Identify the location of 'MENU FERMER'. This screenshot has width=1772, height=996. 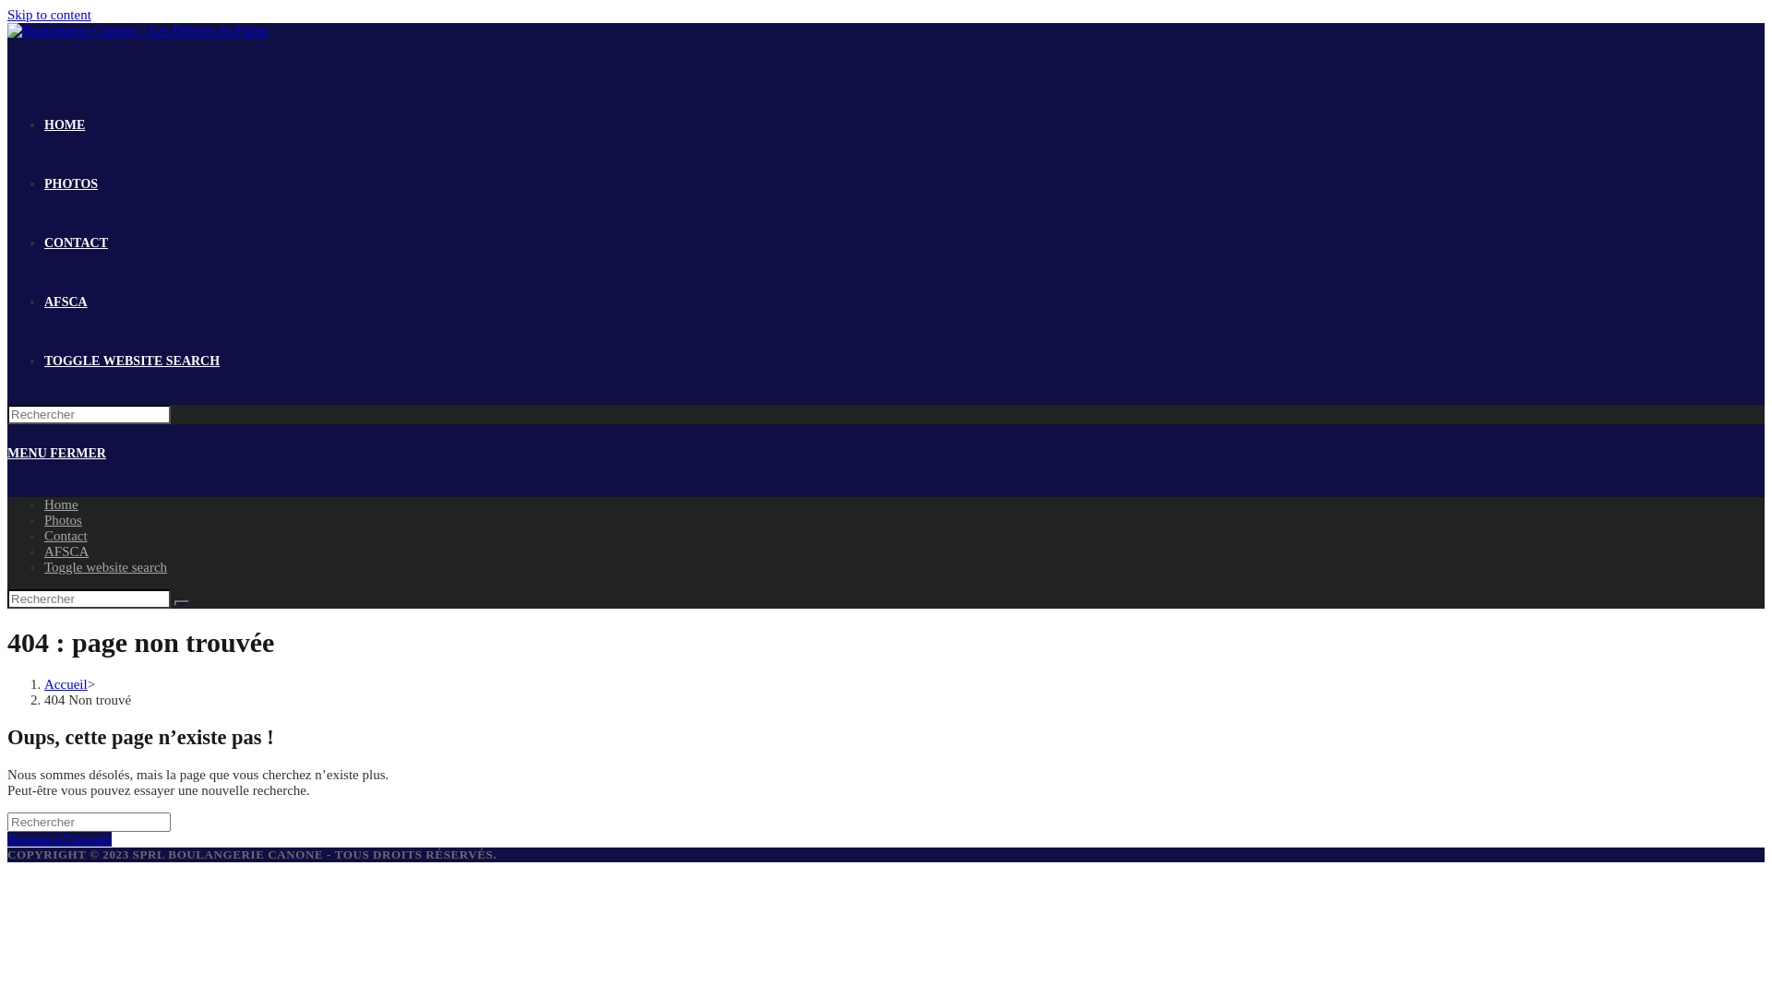
(56, 453).